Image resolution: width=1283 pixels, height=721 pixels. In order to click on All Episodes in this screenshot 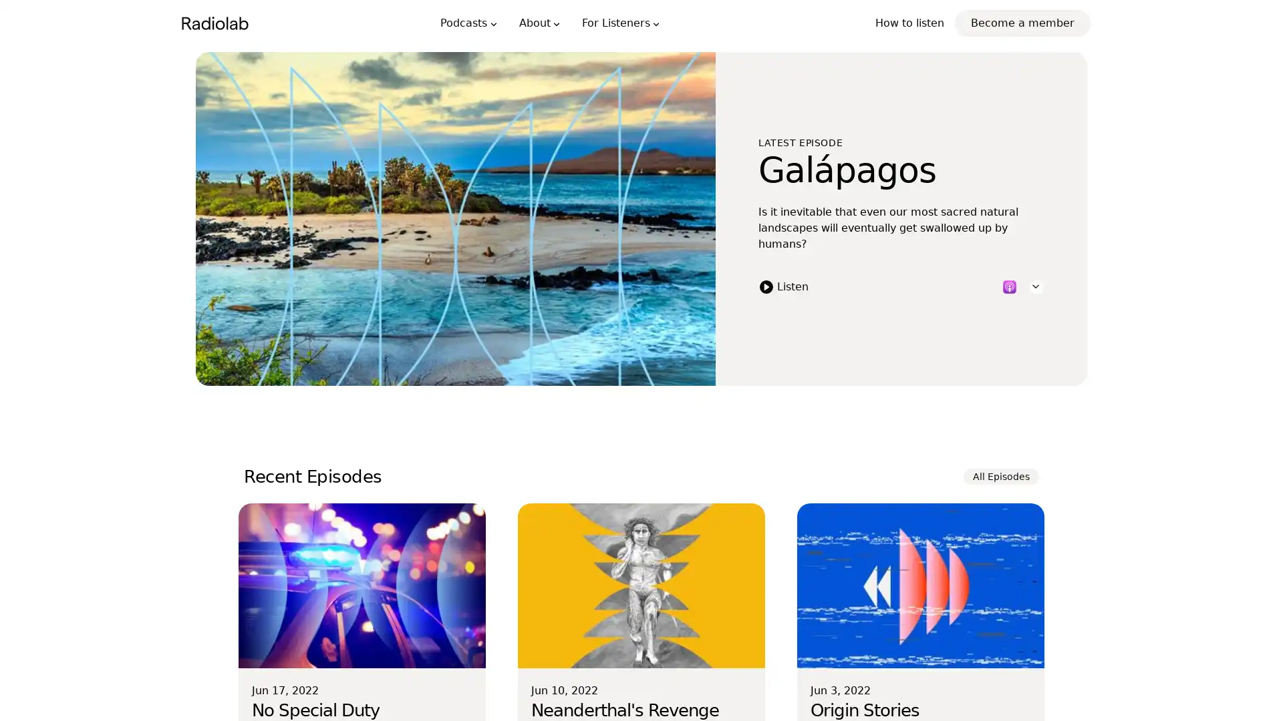, I will do `click(1001, 475)`.